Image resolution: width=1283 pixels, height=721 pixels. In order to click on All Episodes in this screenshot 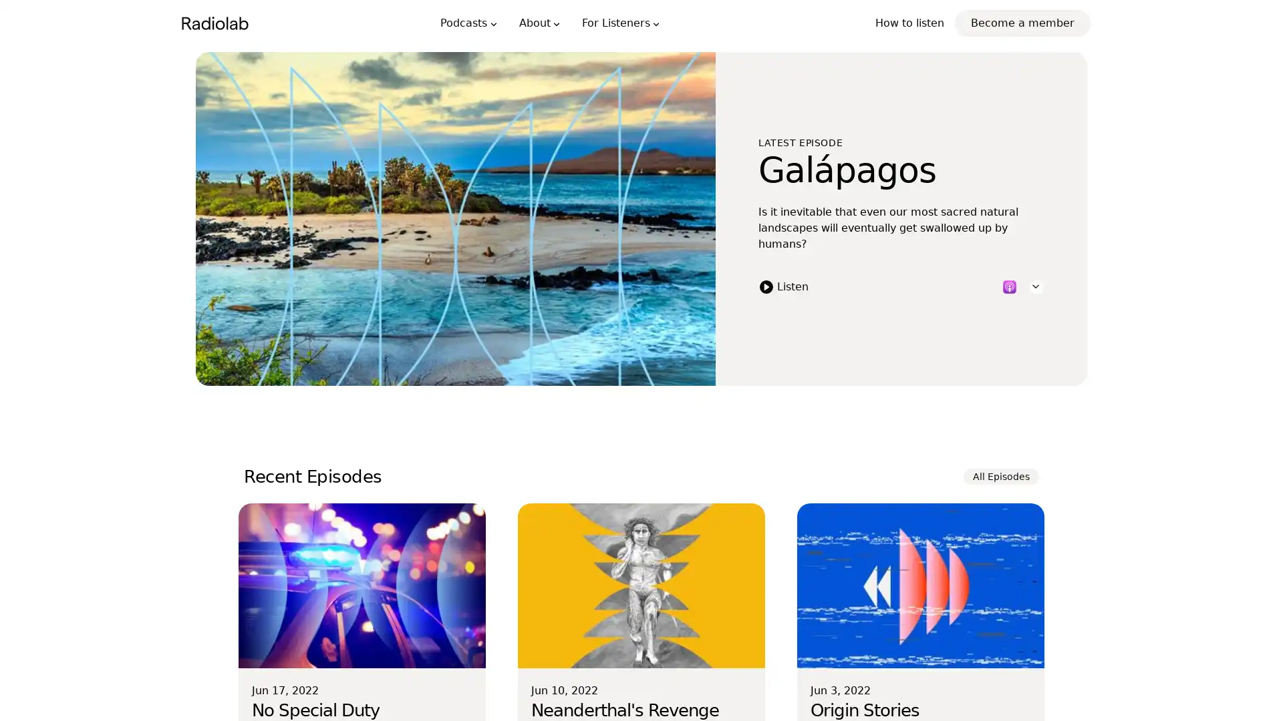, I will do `click(1001, 475)`.